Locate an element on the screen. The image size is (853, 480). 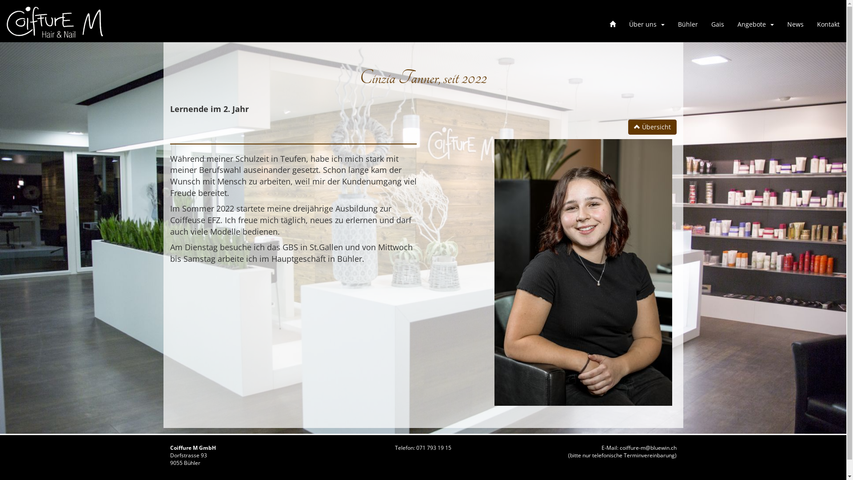
'News' is located at coordinates (795, 24).